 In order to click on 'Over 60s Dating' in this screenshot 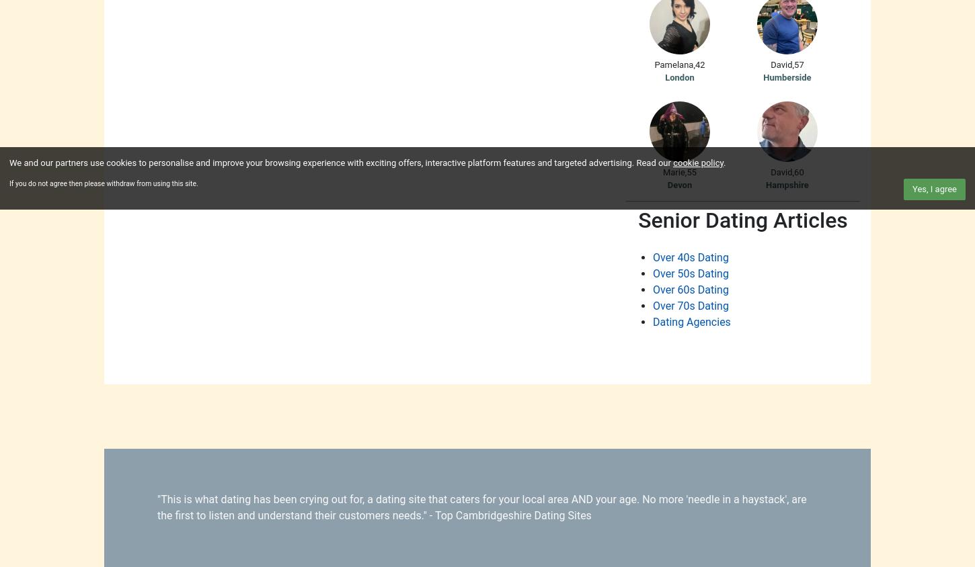, I will do `click(653, 288)`.